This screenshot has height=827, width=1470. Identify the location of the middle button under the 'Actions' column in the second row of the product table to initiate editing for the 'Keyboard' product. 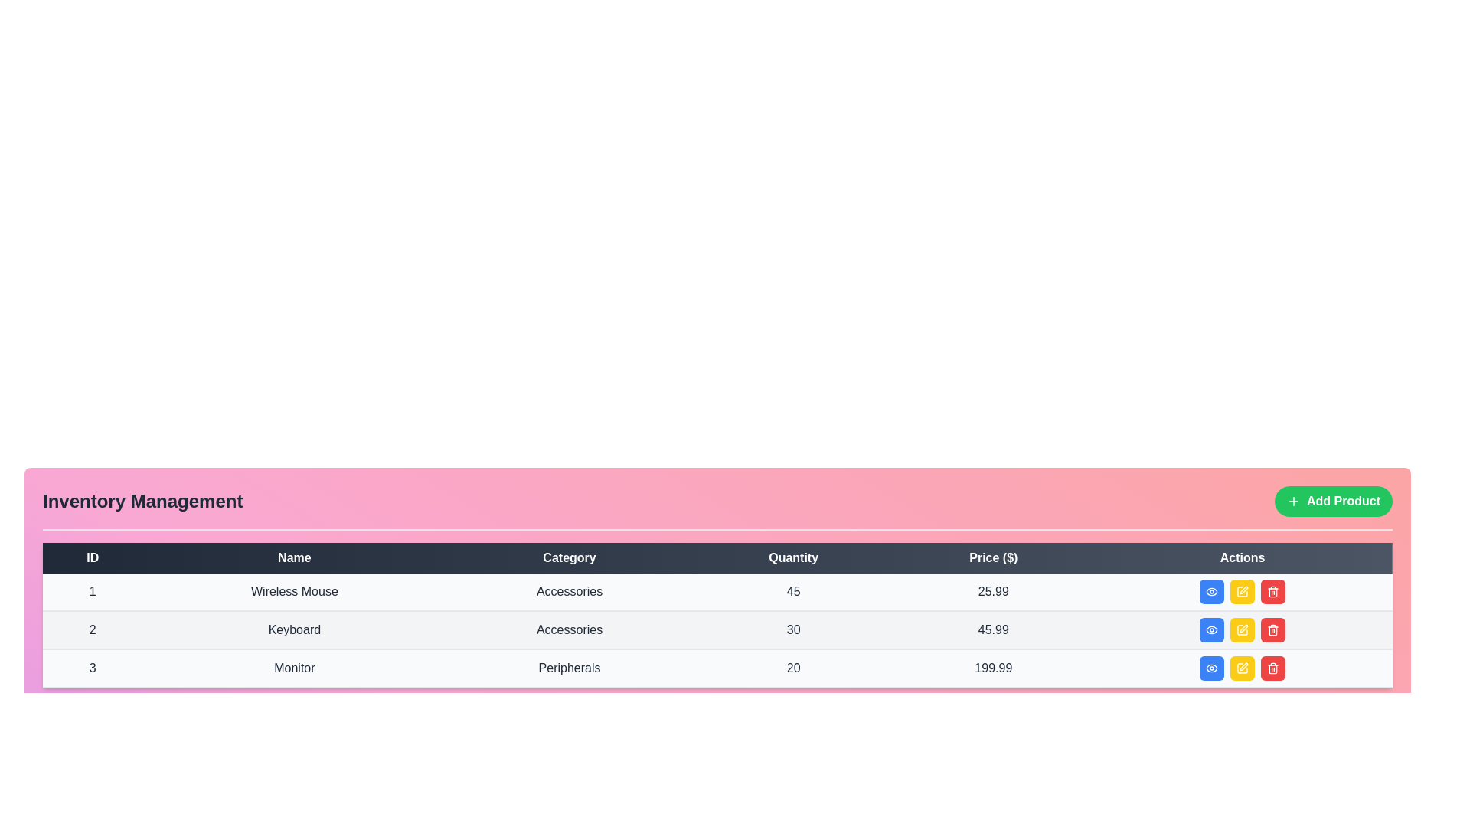
(1243, 629).